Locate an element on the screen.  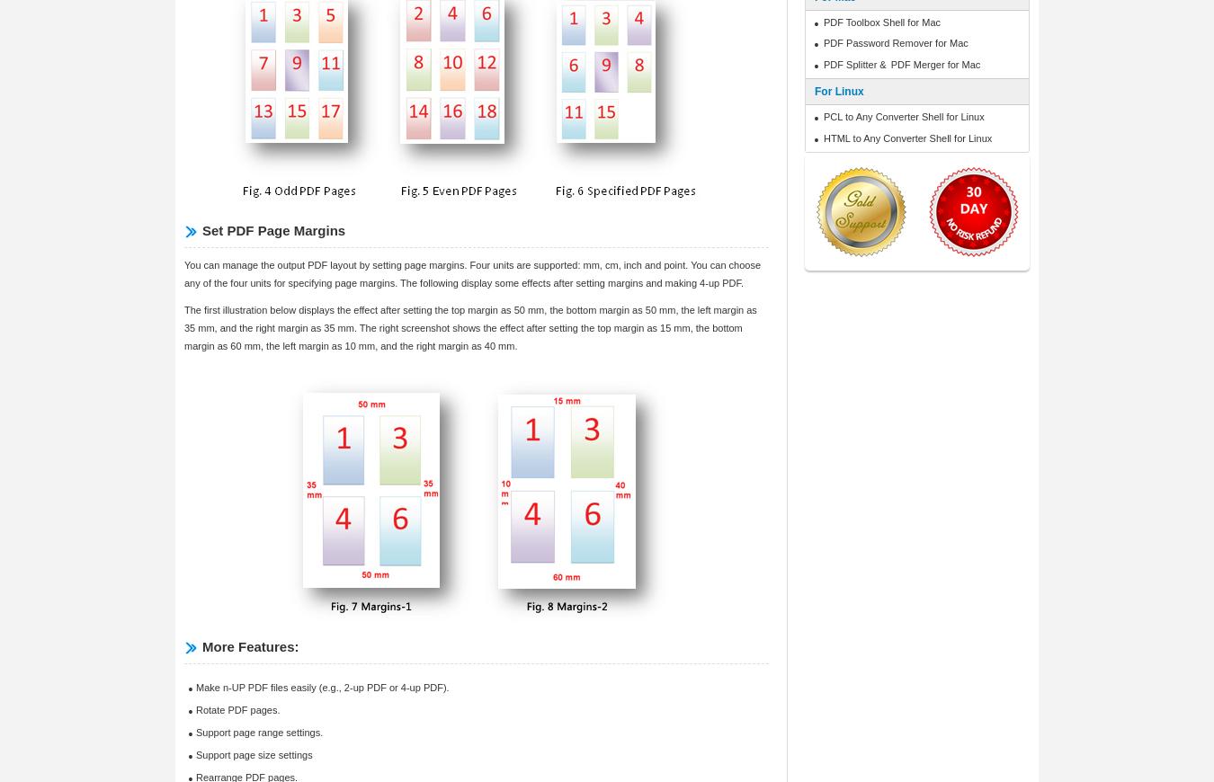
'Rotate PDF pages.' is located at coordinates (237, 709).